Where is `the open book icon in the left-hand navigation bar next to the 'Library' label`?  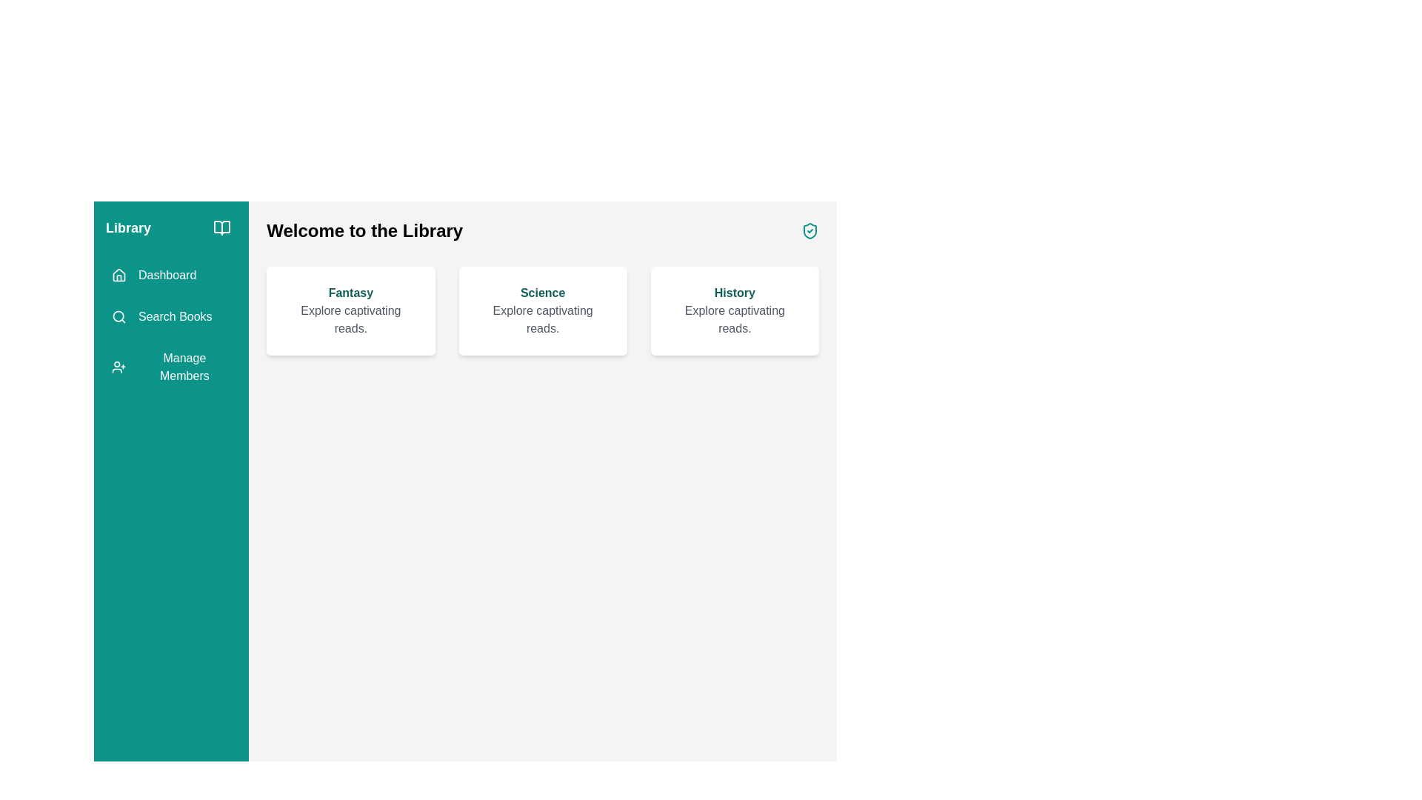
the open book icon in the left-hand navigation bar next to the 'Library' label is located at coordinates (221, 228).